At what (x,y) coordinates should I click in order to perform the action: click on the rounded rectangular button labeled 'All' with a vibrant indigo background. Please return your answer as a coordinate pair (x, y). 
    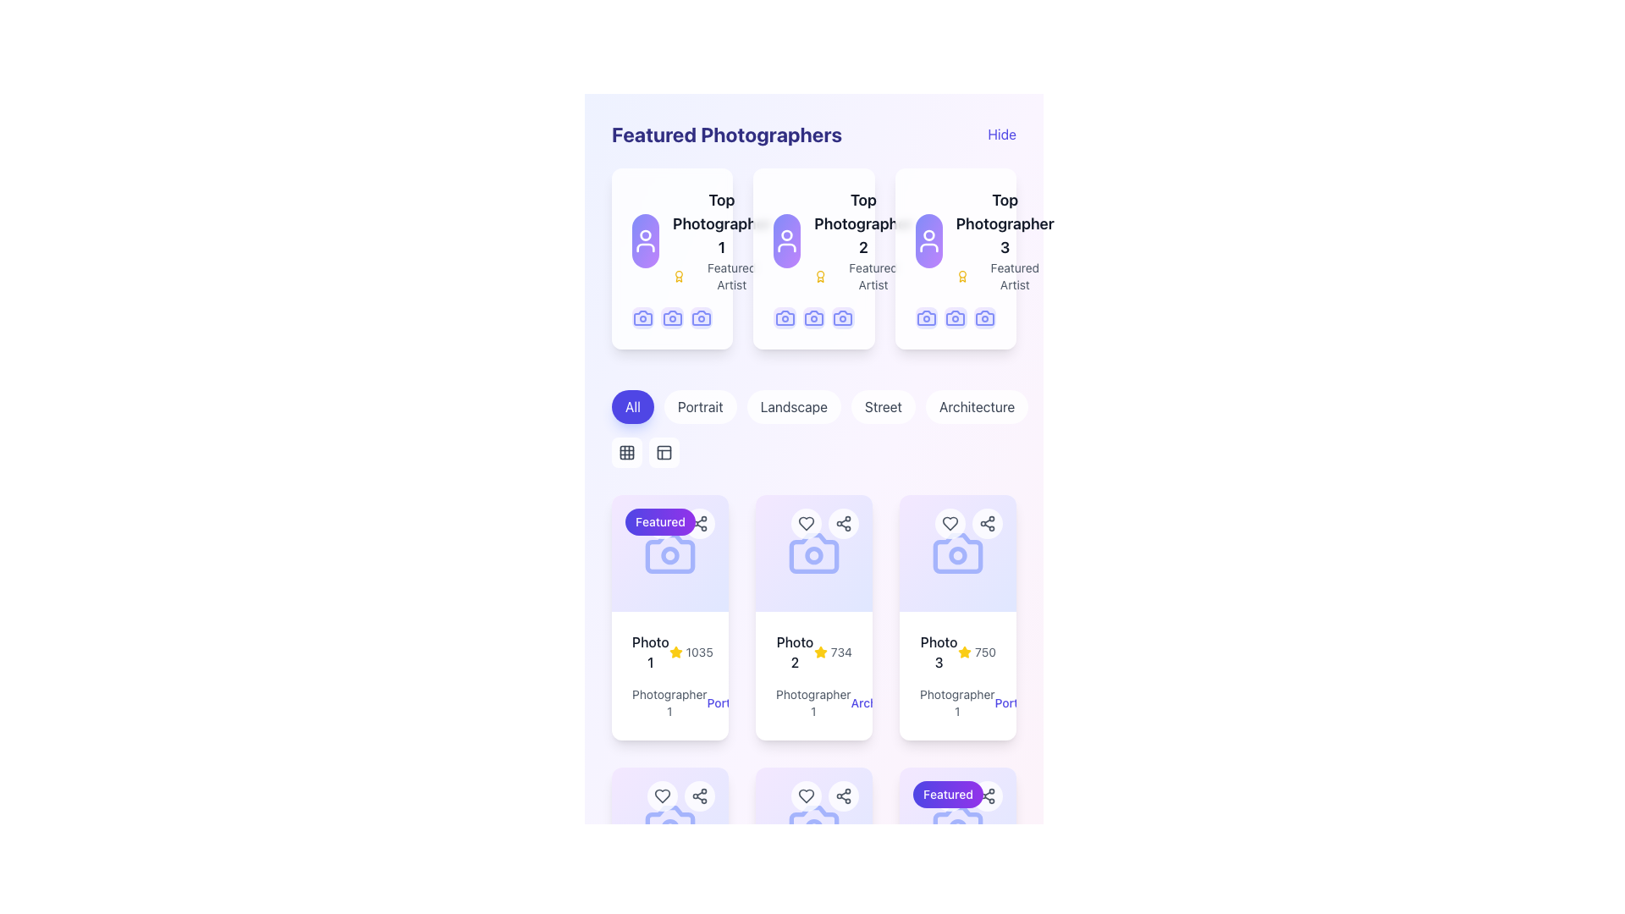
    Looking at the image, I should click on (632, 407).